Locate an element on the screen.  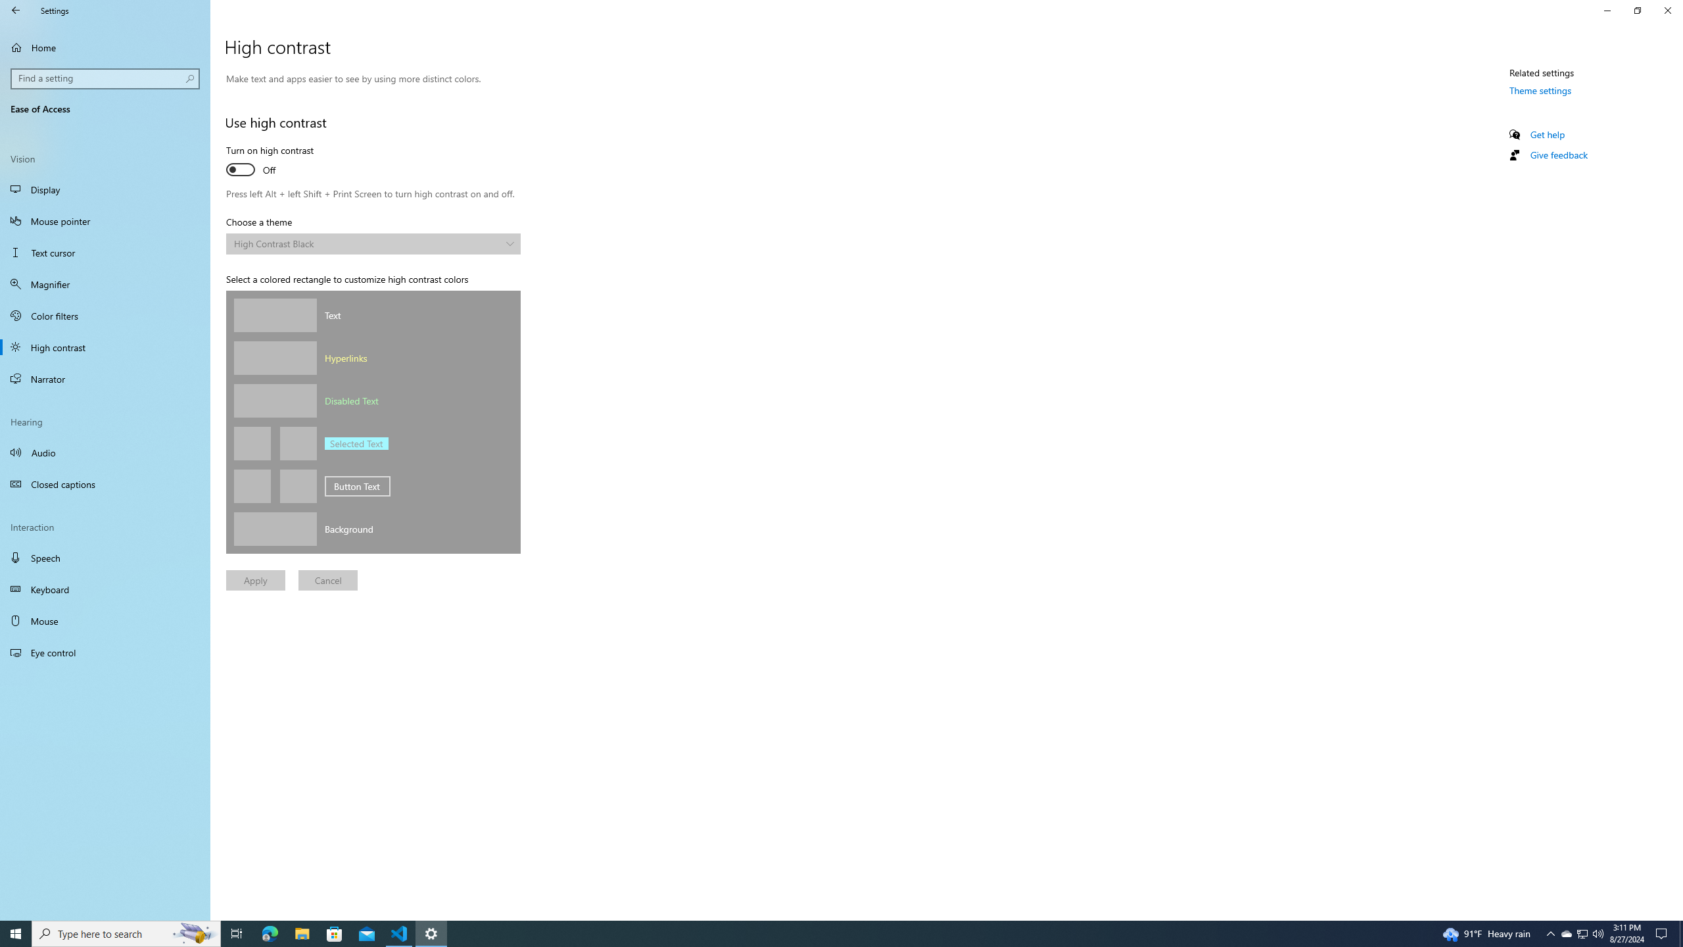
'Give feedback' is located at coordinates (1557, 154).